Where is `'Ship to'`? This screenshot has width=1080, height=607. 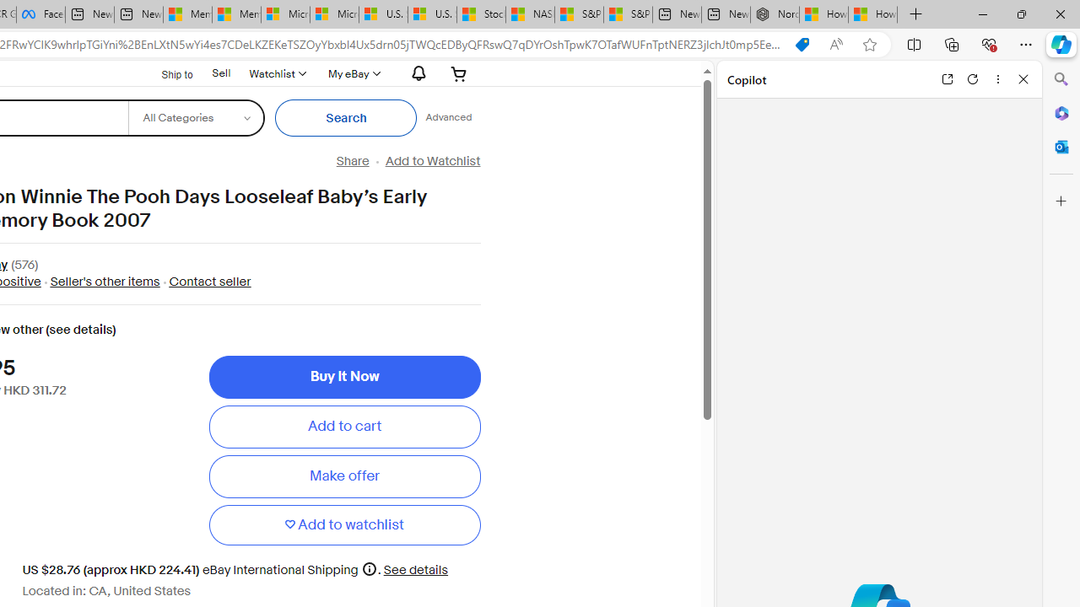 'Ship to' is located at coordinates (166, 73).